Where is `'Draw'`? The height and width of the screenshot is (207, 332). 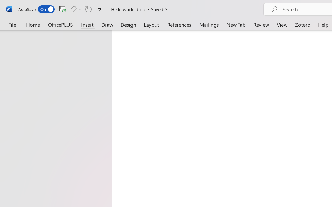
'Draw' is located at coordinates (107, 24).